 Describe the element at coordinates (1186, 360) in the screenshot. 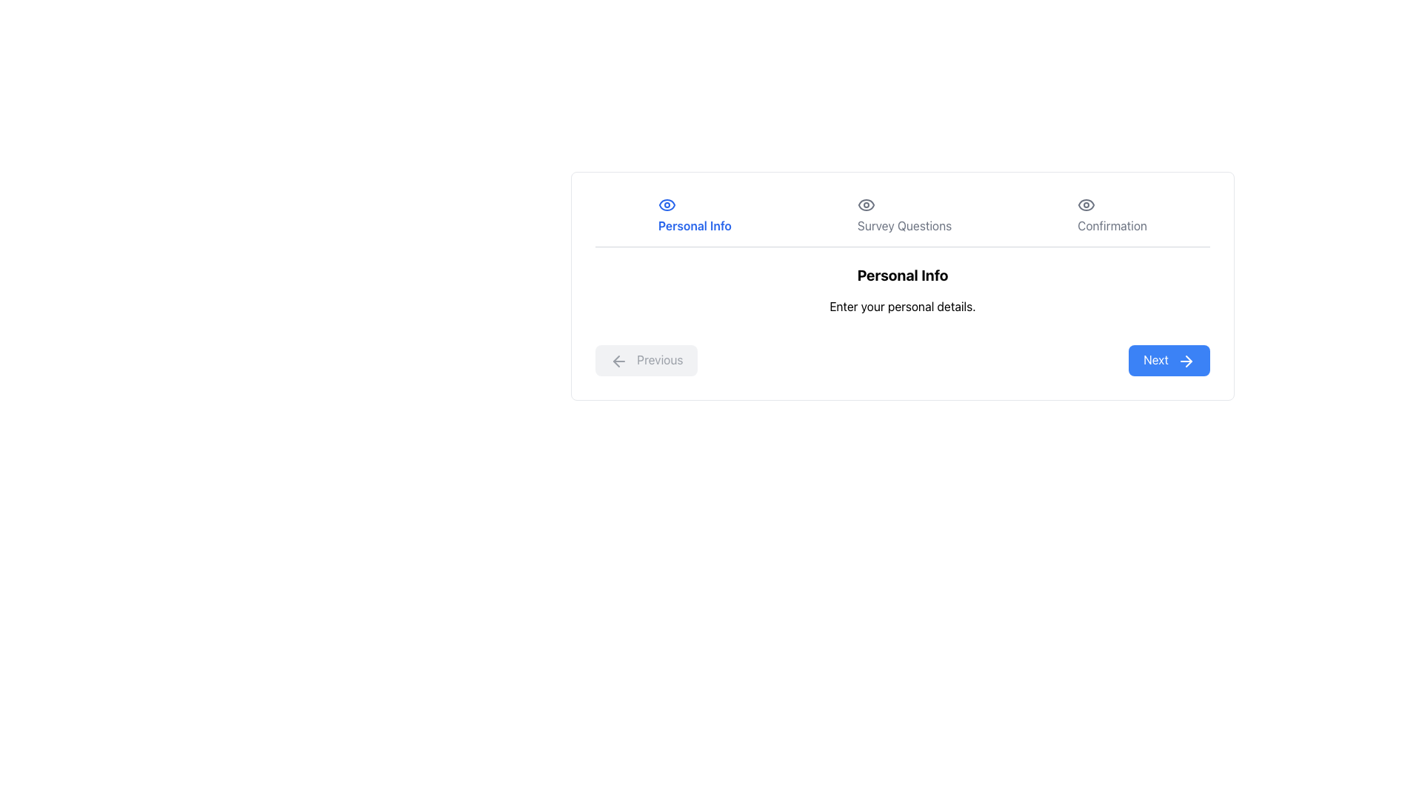

I see `the design of the right arrow icon located within the blue rectangular 'Next' button at the bottom right of the dialog box` at that location.